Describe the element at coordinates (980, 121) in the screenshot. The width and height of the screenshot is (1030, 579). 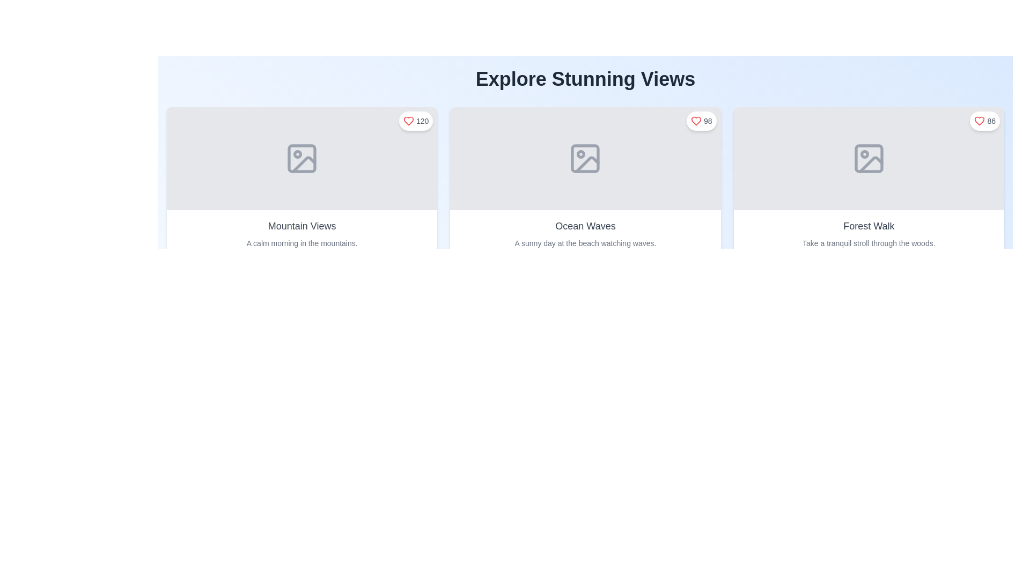
I see `the heart-shaped red icon located in the top-right corner of the 'Forest Walk' card` at that location.